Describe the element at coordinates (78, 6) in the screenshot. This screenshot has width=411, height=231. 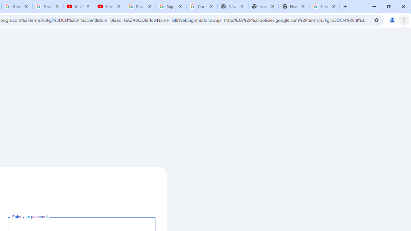
I see `'YouTube'` at that location.